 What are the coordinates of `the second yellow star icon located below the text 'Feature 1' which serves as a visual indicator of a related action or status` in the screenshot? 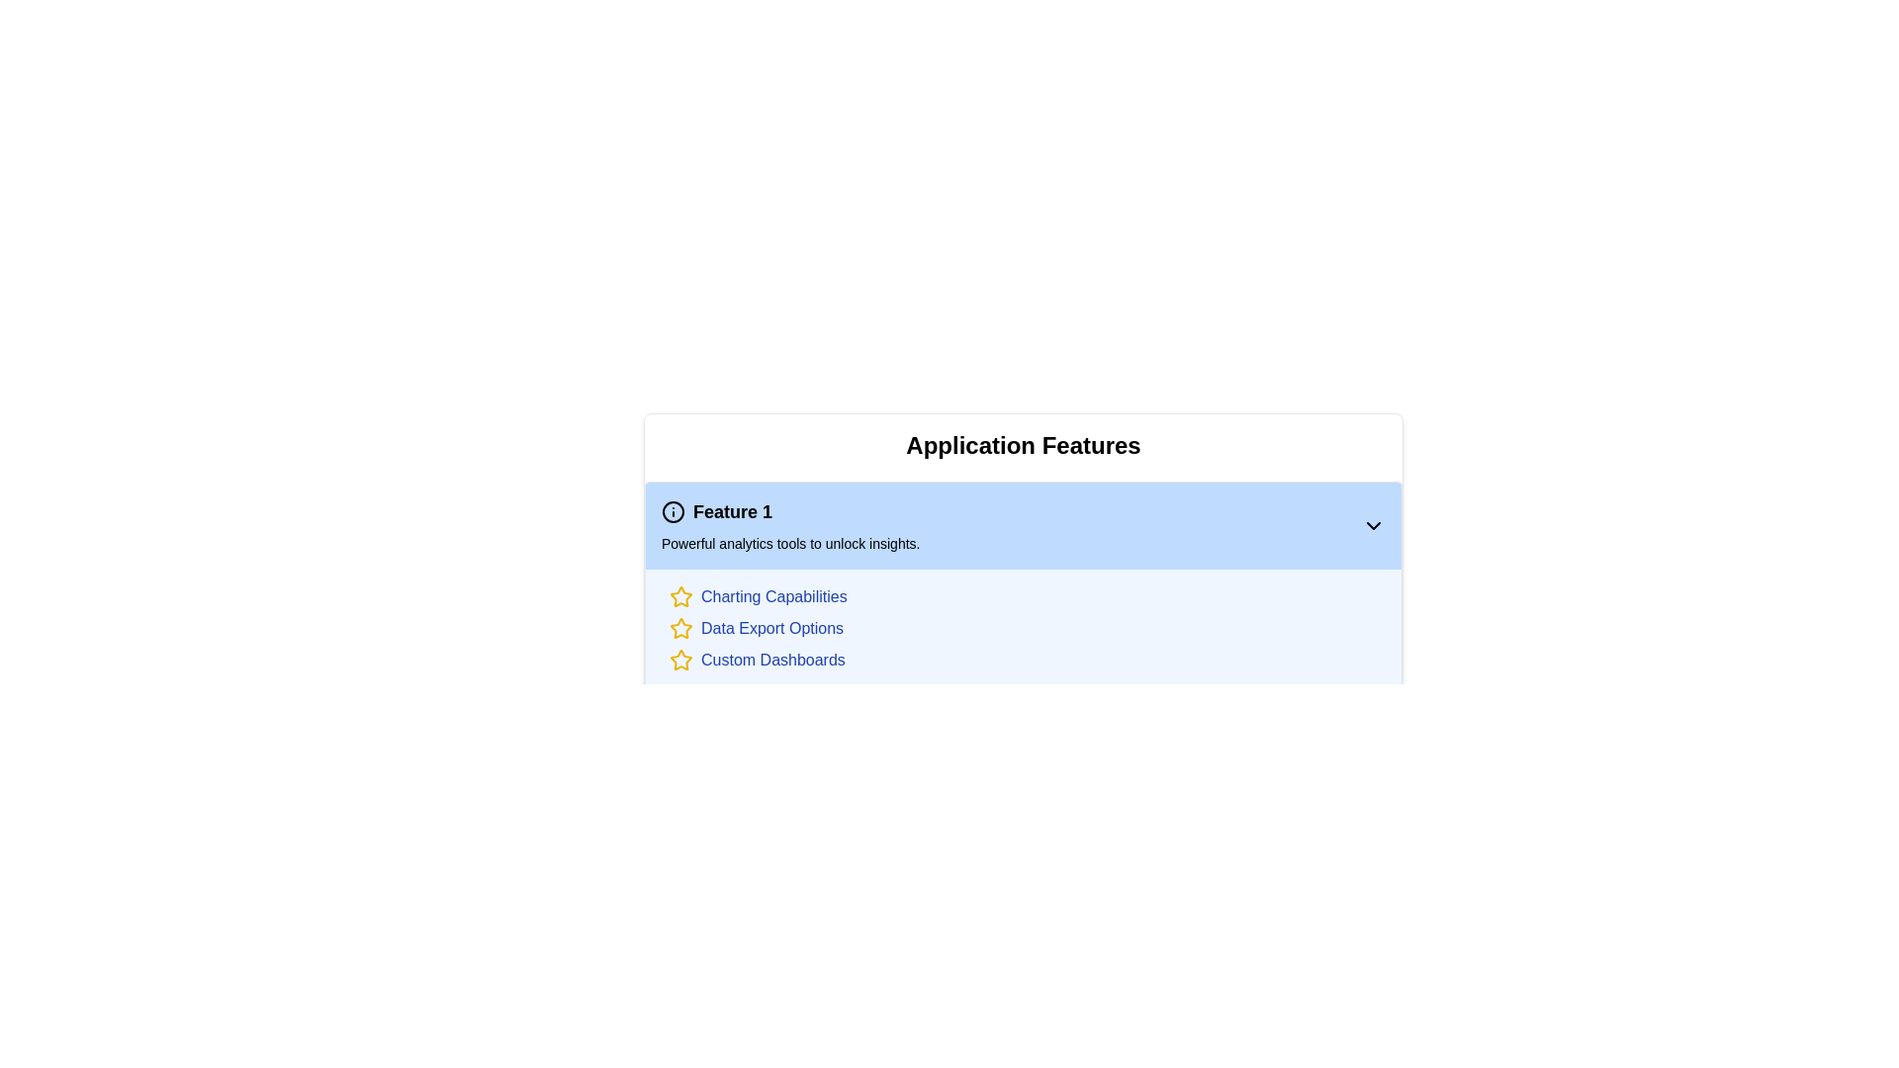 It's located at (681, 595).